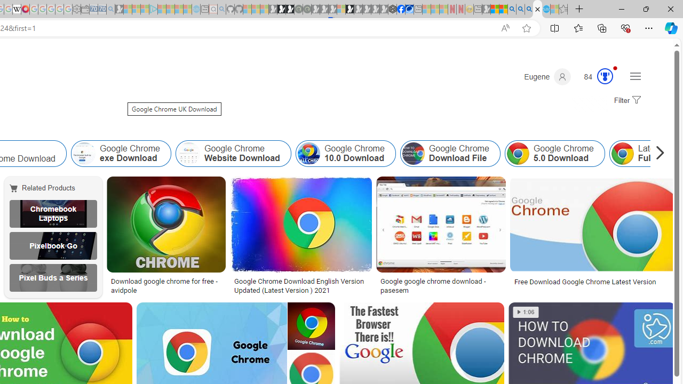 Image resolution: width=683 pixels, height=384 pixels. Describe the element at coordinates (308, 154) in the screenshot. I see `'Google Chrome 10.0 Download'` at that location.